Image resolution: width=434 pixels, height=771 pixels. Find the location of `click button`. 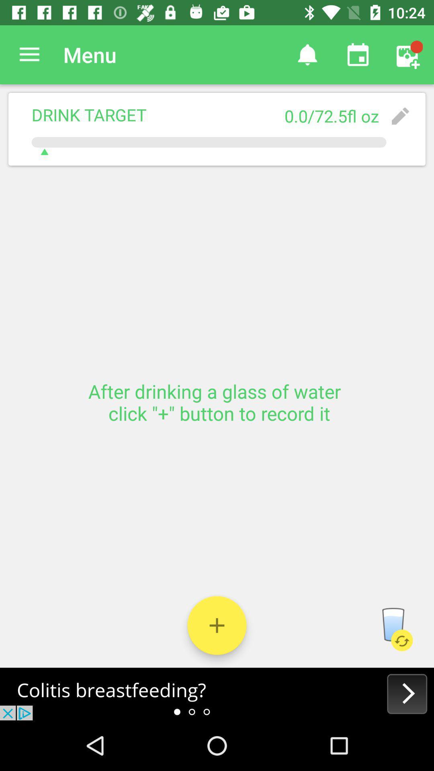

click button is located at coordinates (217, 625).